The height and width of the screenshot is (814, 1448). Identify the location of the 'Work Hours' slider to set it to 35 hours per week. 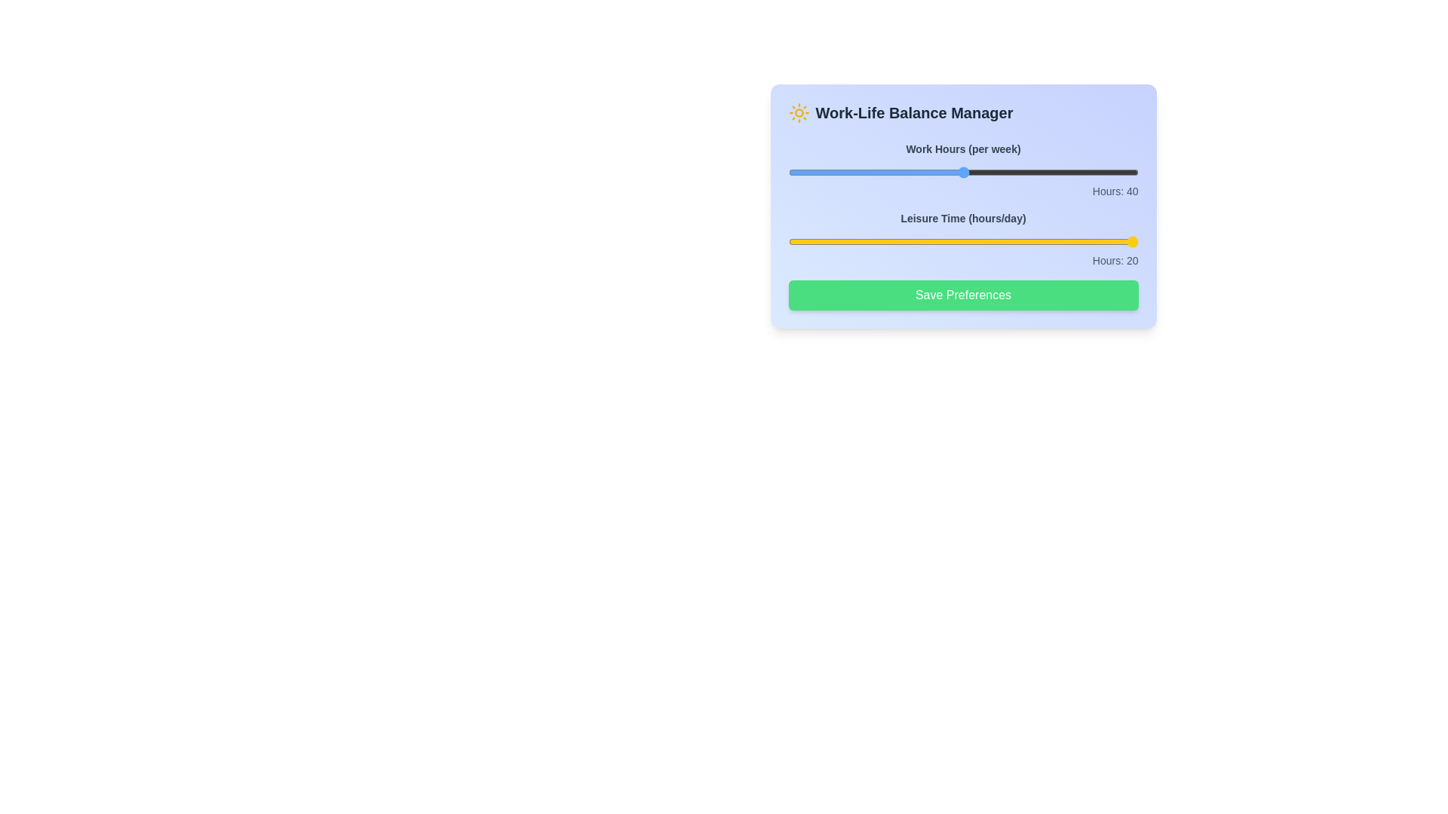
(919, 171).